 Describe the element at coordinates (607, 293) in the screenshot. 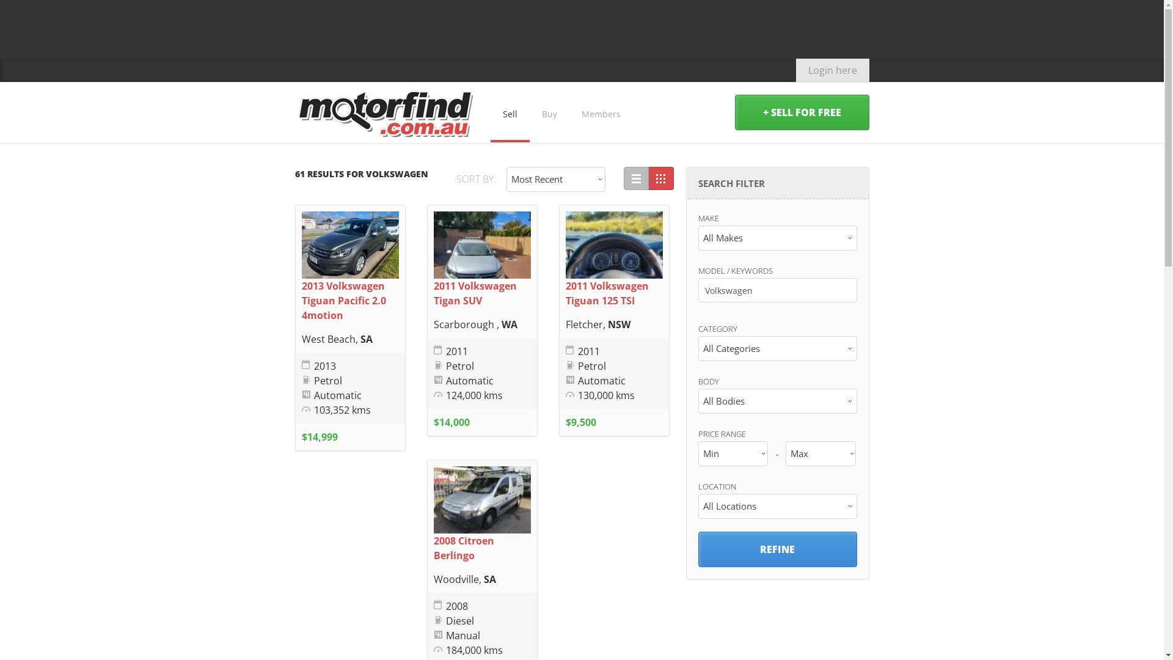

I see `'2011 Volkswagen Tiguan 125 TSI'` at that location.